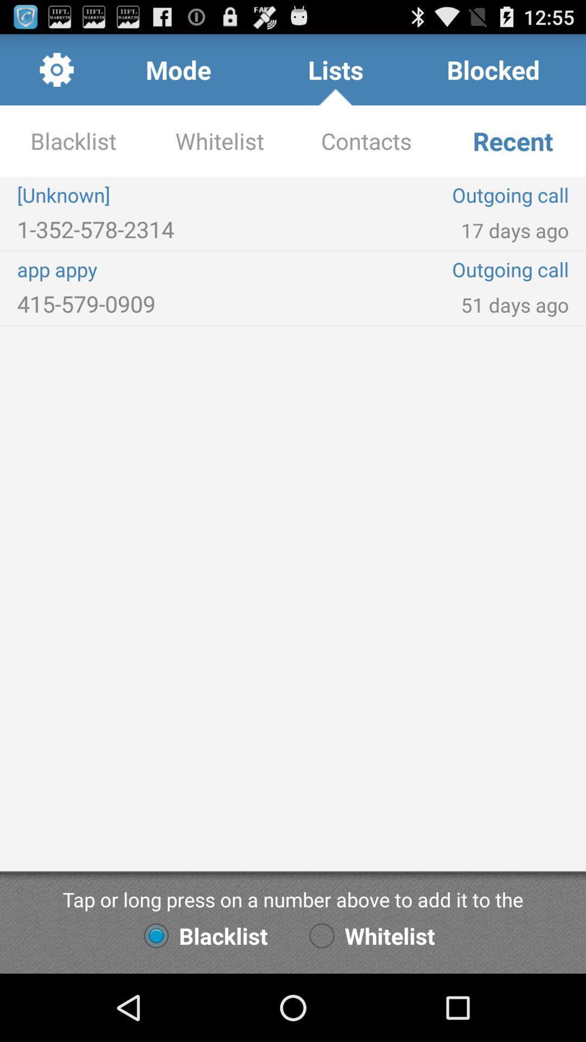 Image resolution: width=586 pixels, height=1042 pixels. I want to click on the icon above the [unknown], so click(366, 140).